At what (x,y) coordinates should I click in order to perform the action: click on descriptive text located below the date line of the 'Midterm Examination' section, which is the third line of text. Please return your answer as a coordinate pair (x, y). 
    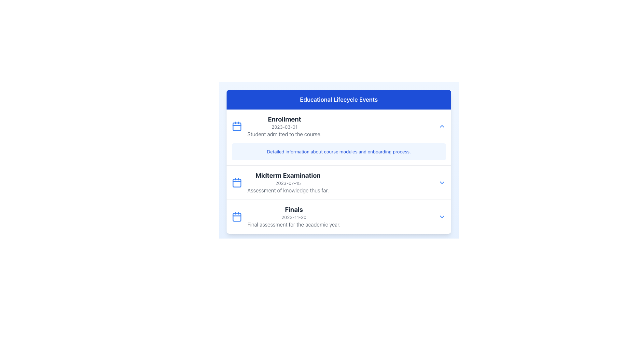
    Looking at the image, I should click on (288, 190).